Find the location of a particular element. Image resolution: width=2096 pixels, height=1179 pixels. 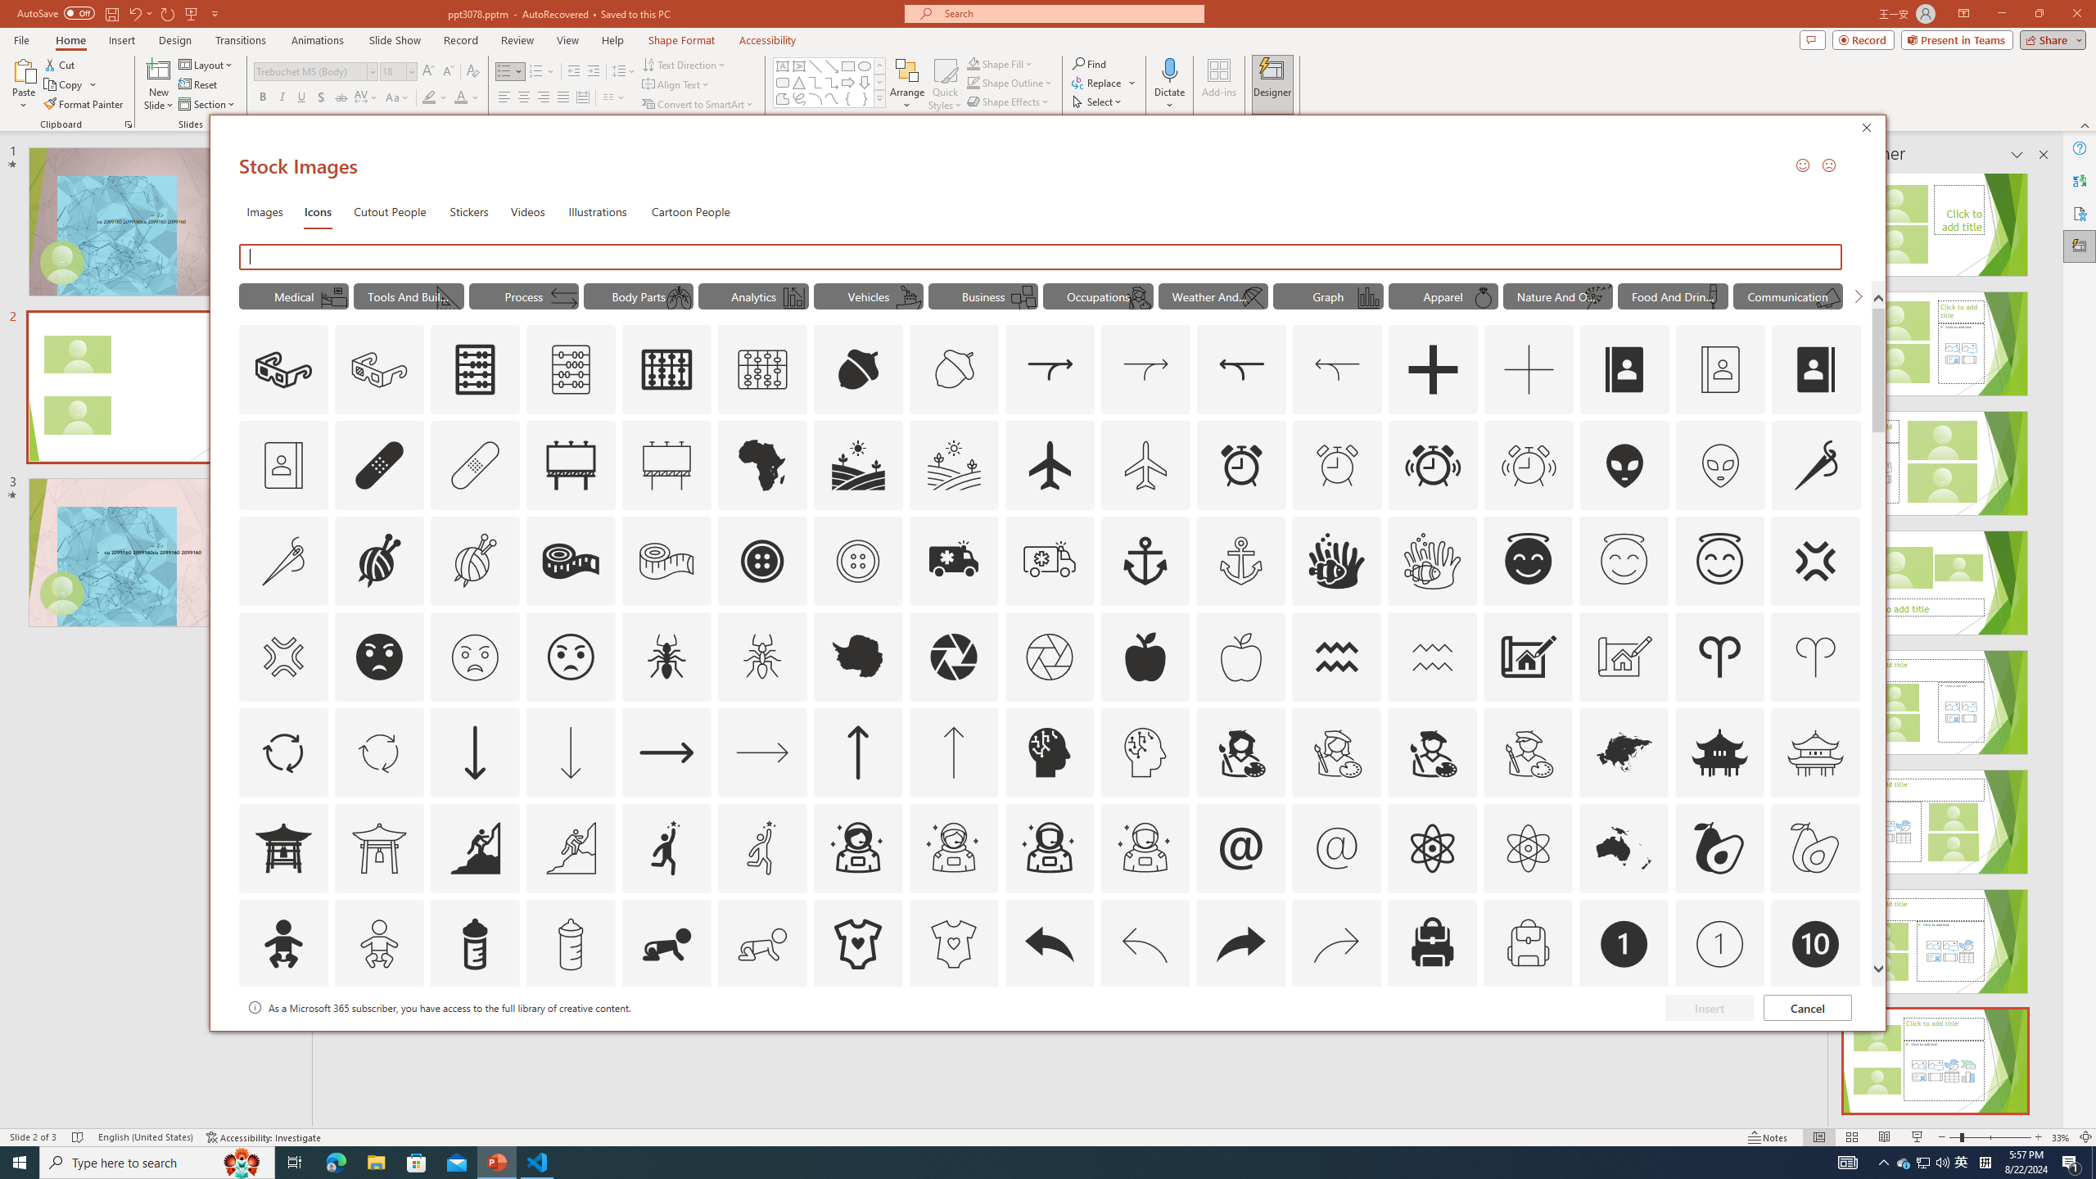

'"Graph" Icons.' is located at coordinates (1327, 295).